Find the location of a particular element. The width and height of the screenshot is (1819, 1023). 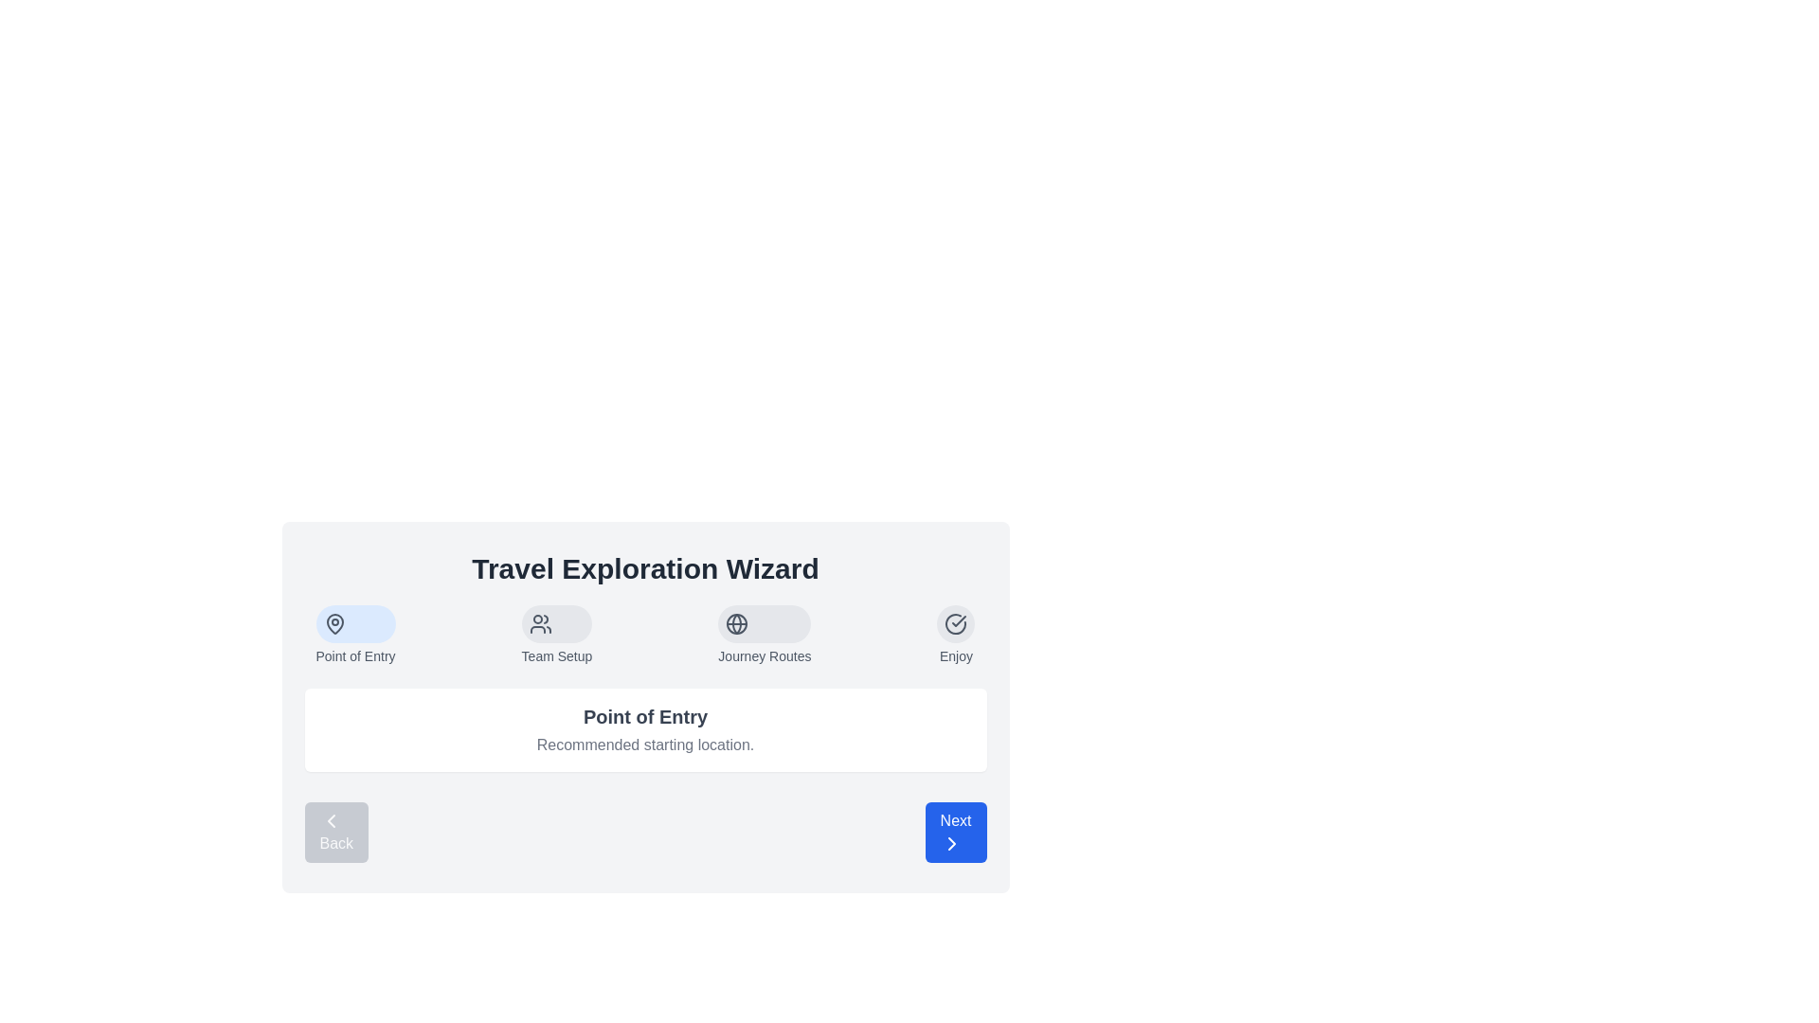

the circular icon with a checkmark and the text label 'Enjoy', located in the far-right section of the navigation menu as the fourth item after 'Journey Routes' is located at coordinates (956, 636).